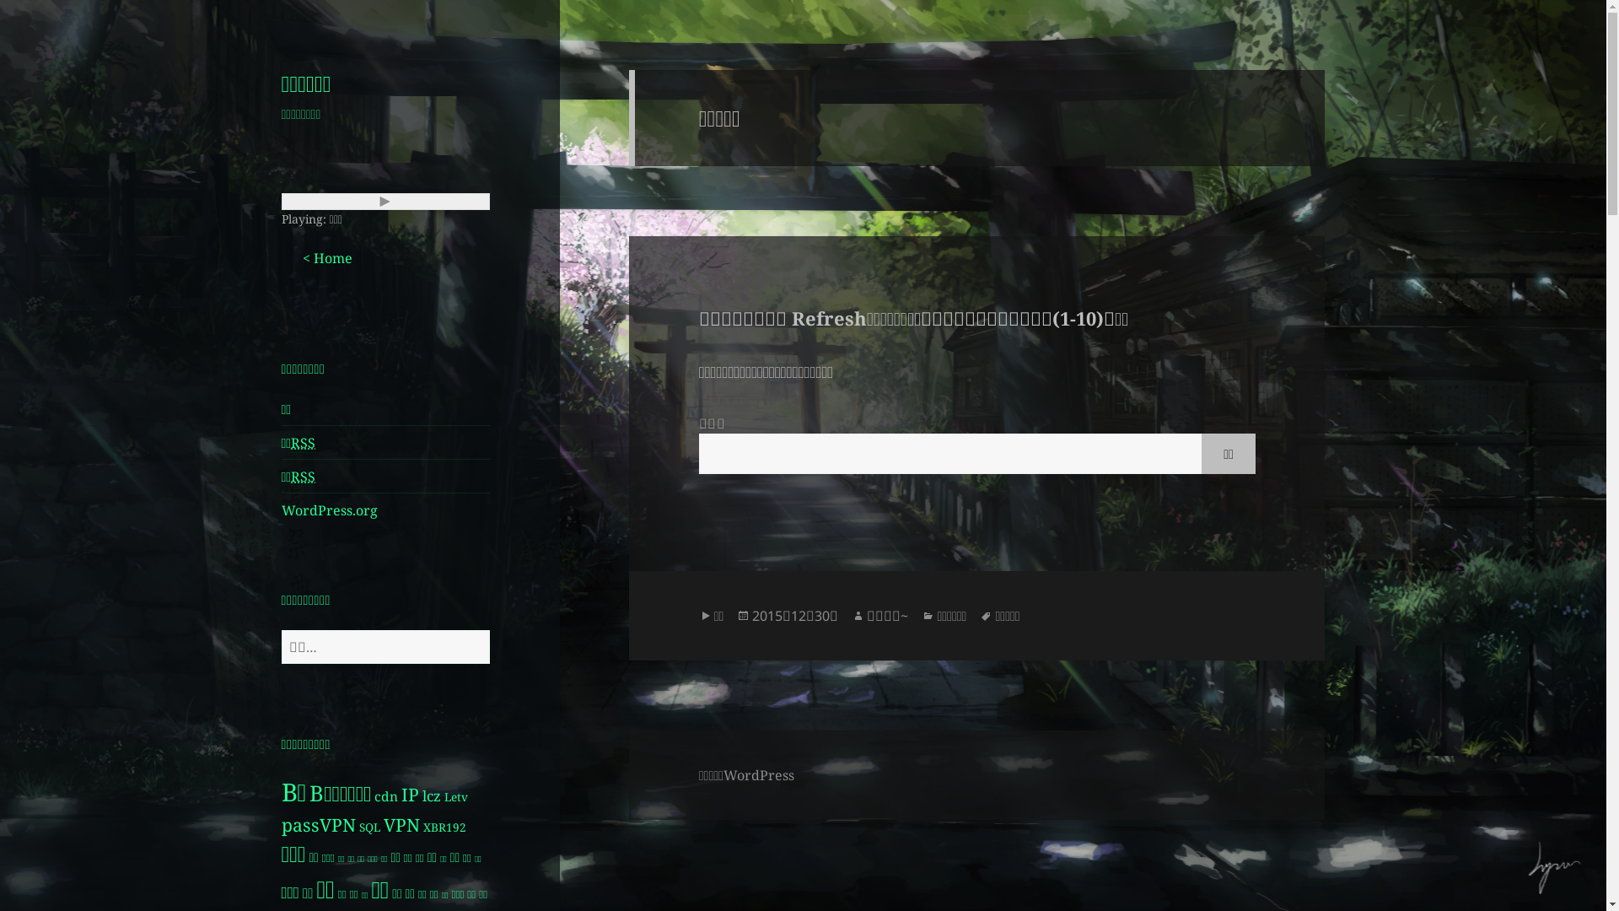 This screenshot has height=911, width=1619. I want to click on 'lcz', so click(432, 795).